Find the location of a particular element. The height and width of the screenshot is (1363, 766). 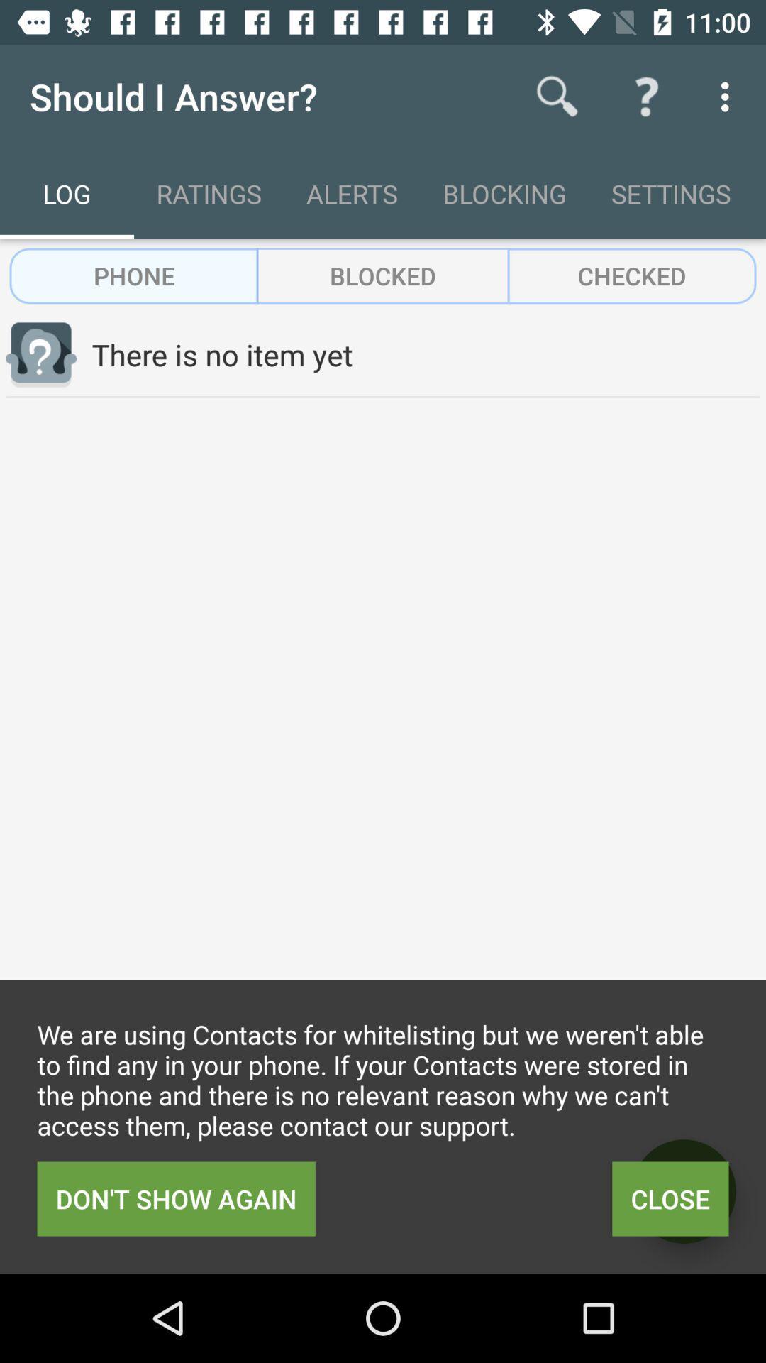

checked item is located at coordinates (631, 275).